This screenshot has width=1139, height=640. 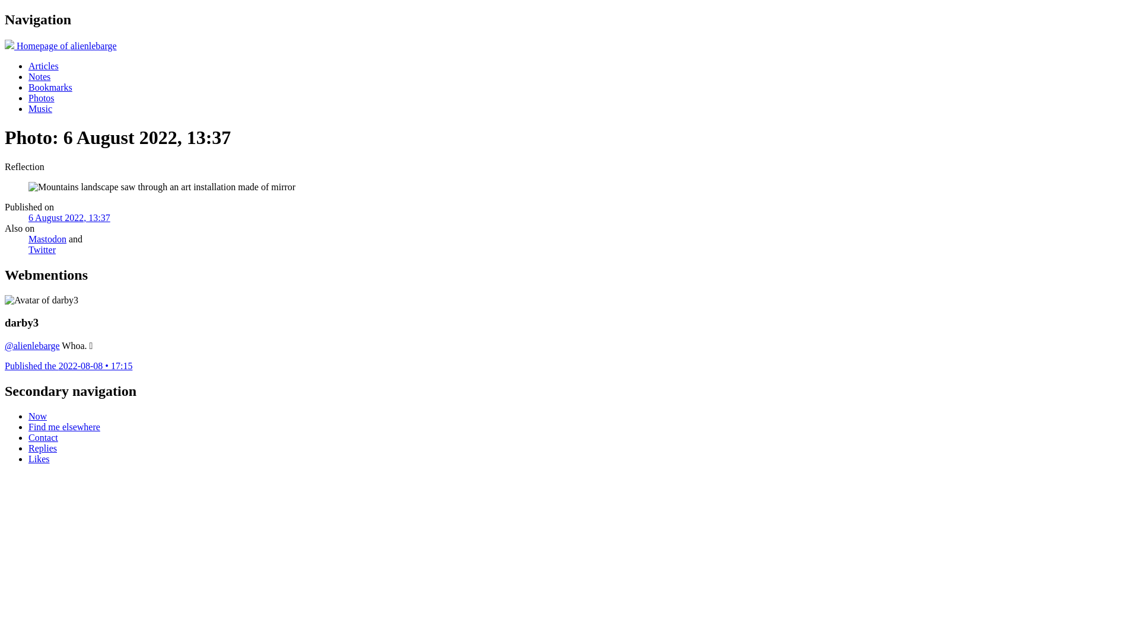 What do you see at coordinates (28, 87) in the screenshot?
I see `'Bookmarks'` at bounding box center [28, 87].